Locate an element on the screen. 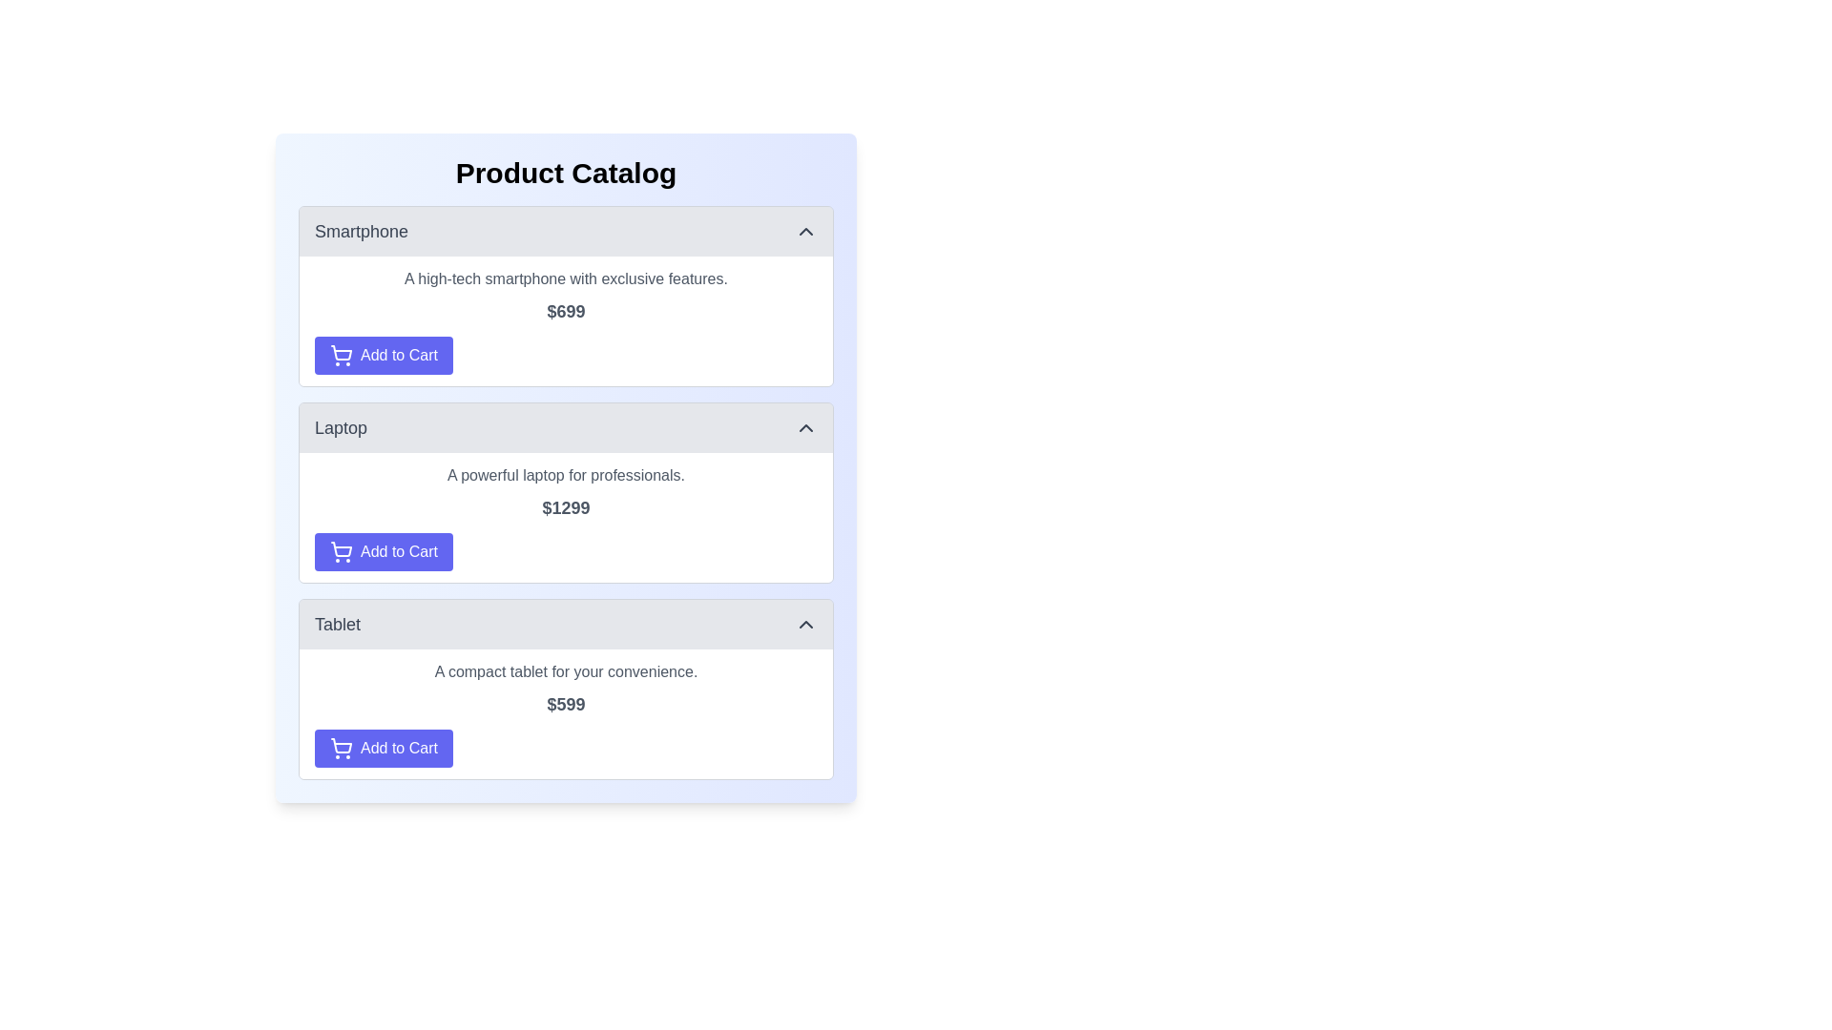 This screenshot has width=1832, height=1030. the informational block located within the 'Tablet' product card, which is situated below the title and above the 'Add to Cart' button is located at coordinates (565, 713).